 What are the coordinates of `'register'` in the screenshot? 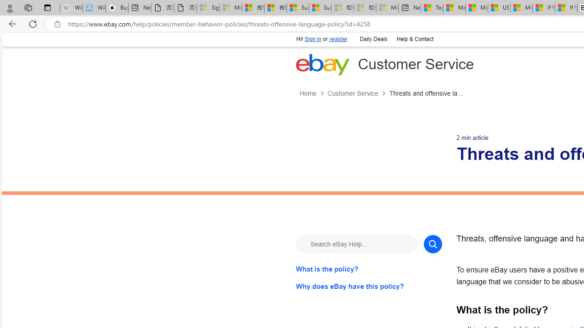 It's located at (338, 39).